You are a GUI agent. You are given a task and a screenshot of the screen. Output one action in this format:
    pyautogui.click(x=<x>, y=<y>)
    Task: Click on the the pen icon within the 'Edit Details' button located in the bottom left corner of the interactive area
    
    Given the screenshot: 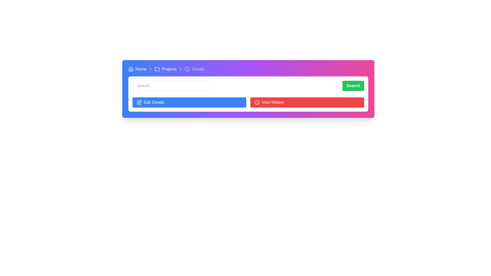 What is the action you would take?
    pyautogui.click(x=140, y=102)
    